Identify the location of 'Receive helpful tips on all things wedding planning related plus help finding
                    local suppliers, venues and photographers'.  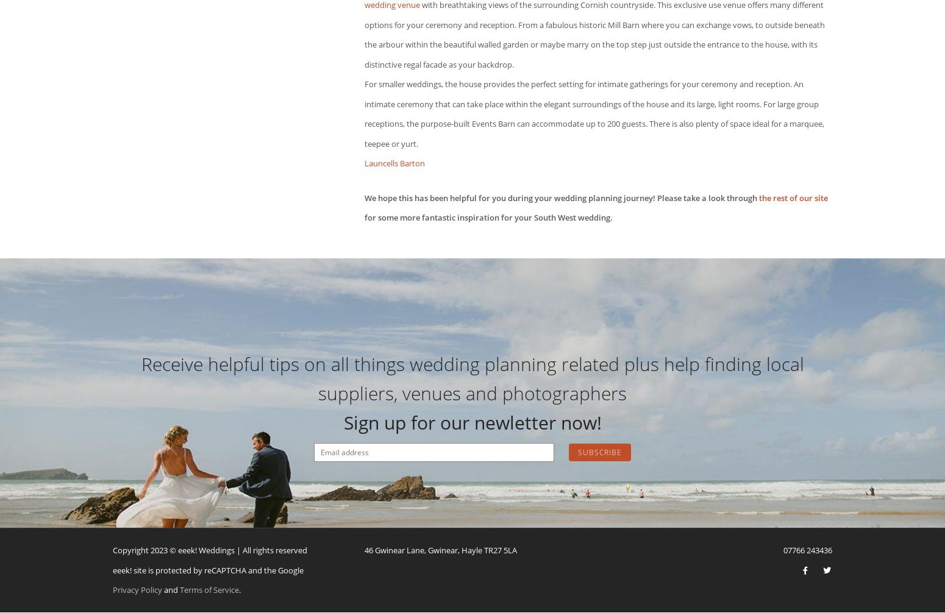
(472, 378).